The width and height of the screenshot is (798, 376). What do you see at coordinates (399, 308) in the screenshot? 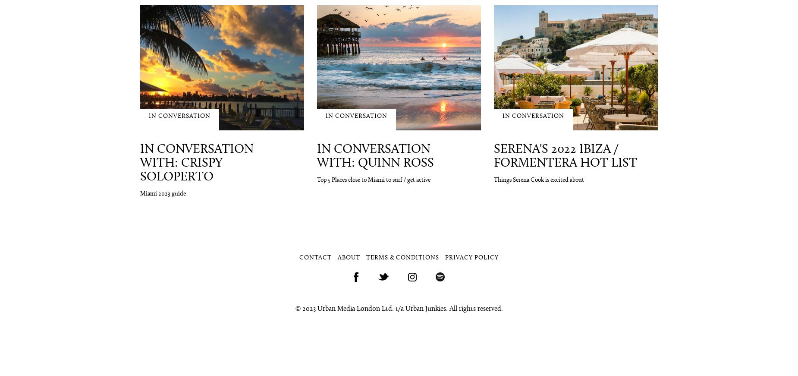
I see `'© 2023 Urban Media London Ltd. t/a Urban Junkies. All rights reserved.'` at bounding box center [399, 308].